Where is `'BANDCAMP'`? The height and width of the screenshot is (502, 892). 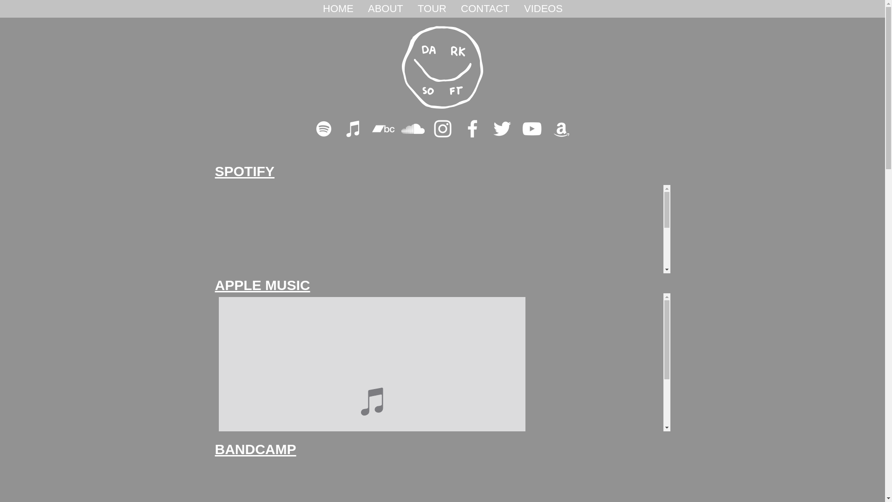 'BANDCAMP' is located at coordinates (255, 449).